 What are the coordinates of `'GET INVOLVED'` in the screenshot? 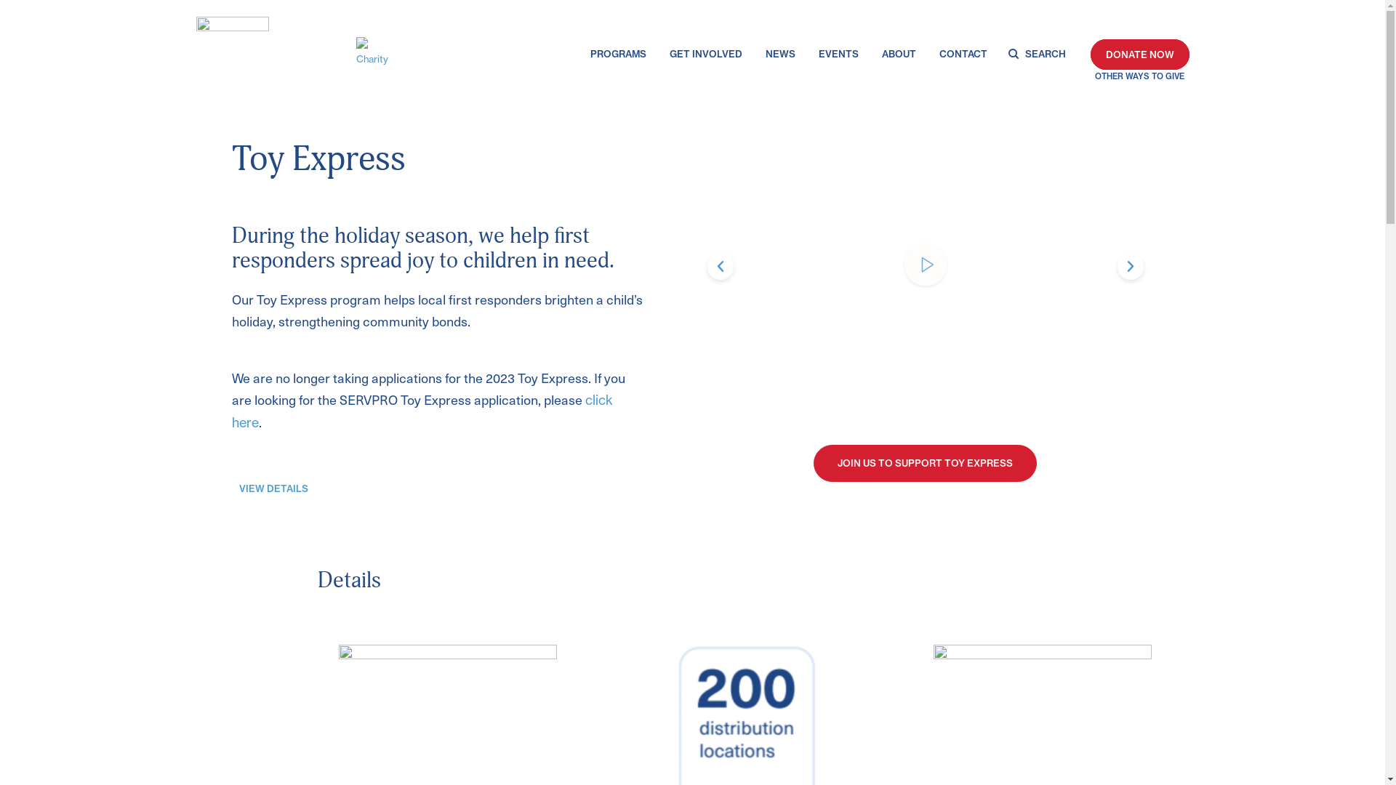 It's located at (669, 56).